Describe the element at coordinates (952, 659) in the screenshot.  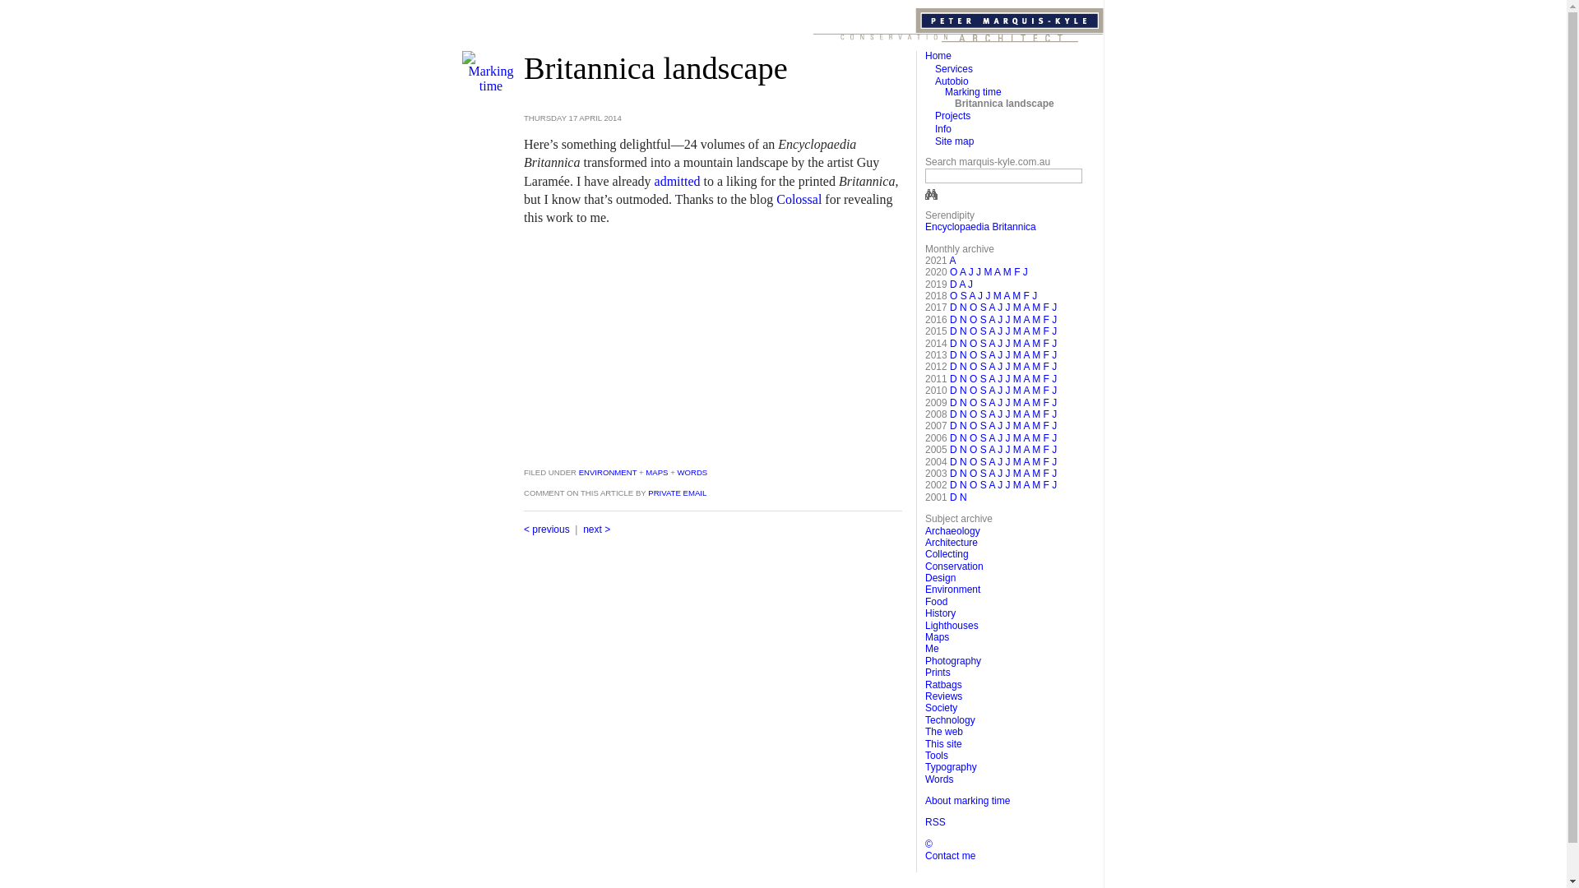
I see `'Photography'` at that location.